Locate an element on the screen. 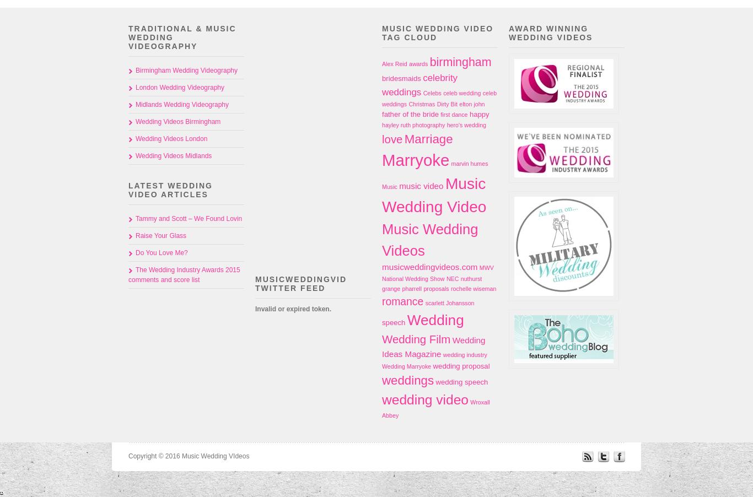 The height and width of the screenshot is (497, 753). 'happy' is located at coordinates (478, 113).